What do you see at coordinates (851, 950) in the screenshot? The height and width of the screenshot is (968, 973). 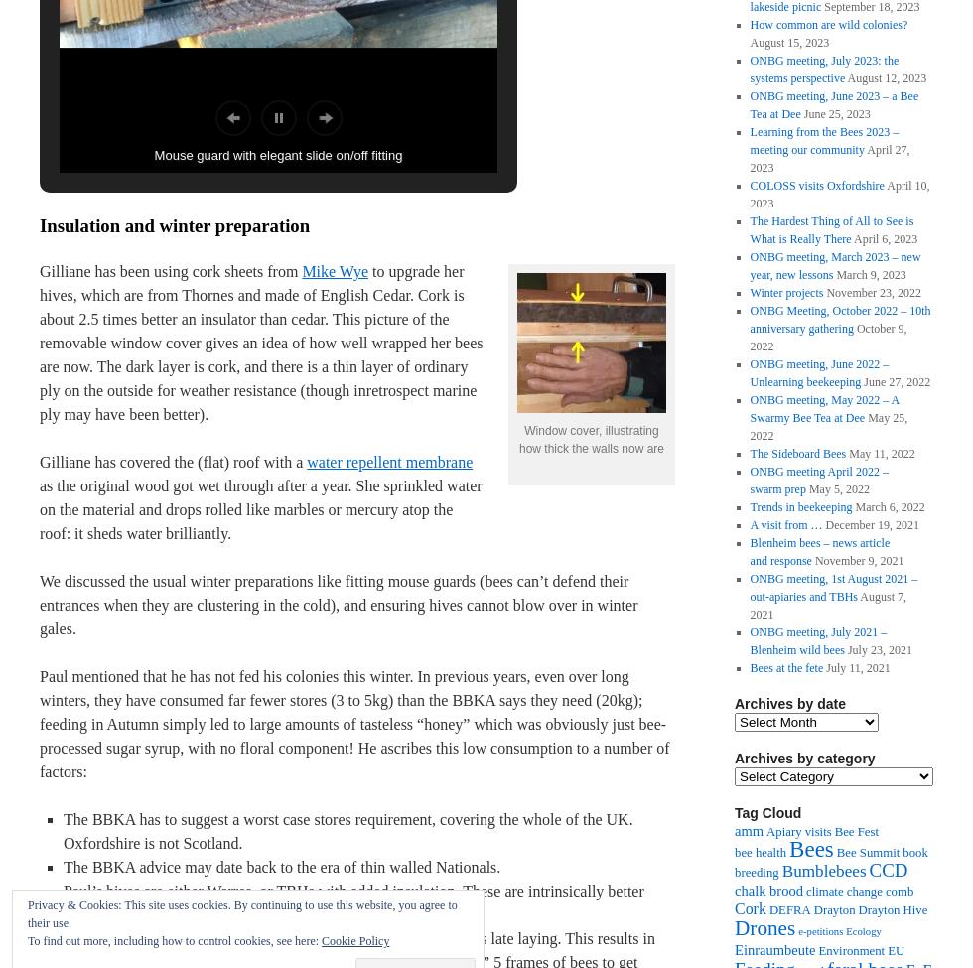 I see `'Environment'` at bounding box center [851, 950].